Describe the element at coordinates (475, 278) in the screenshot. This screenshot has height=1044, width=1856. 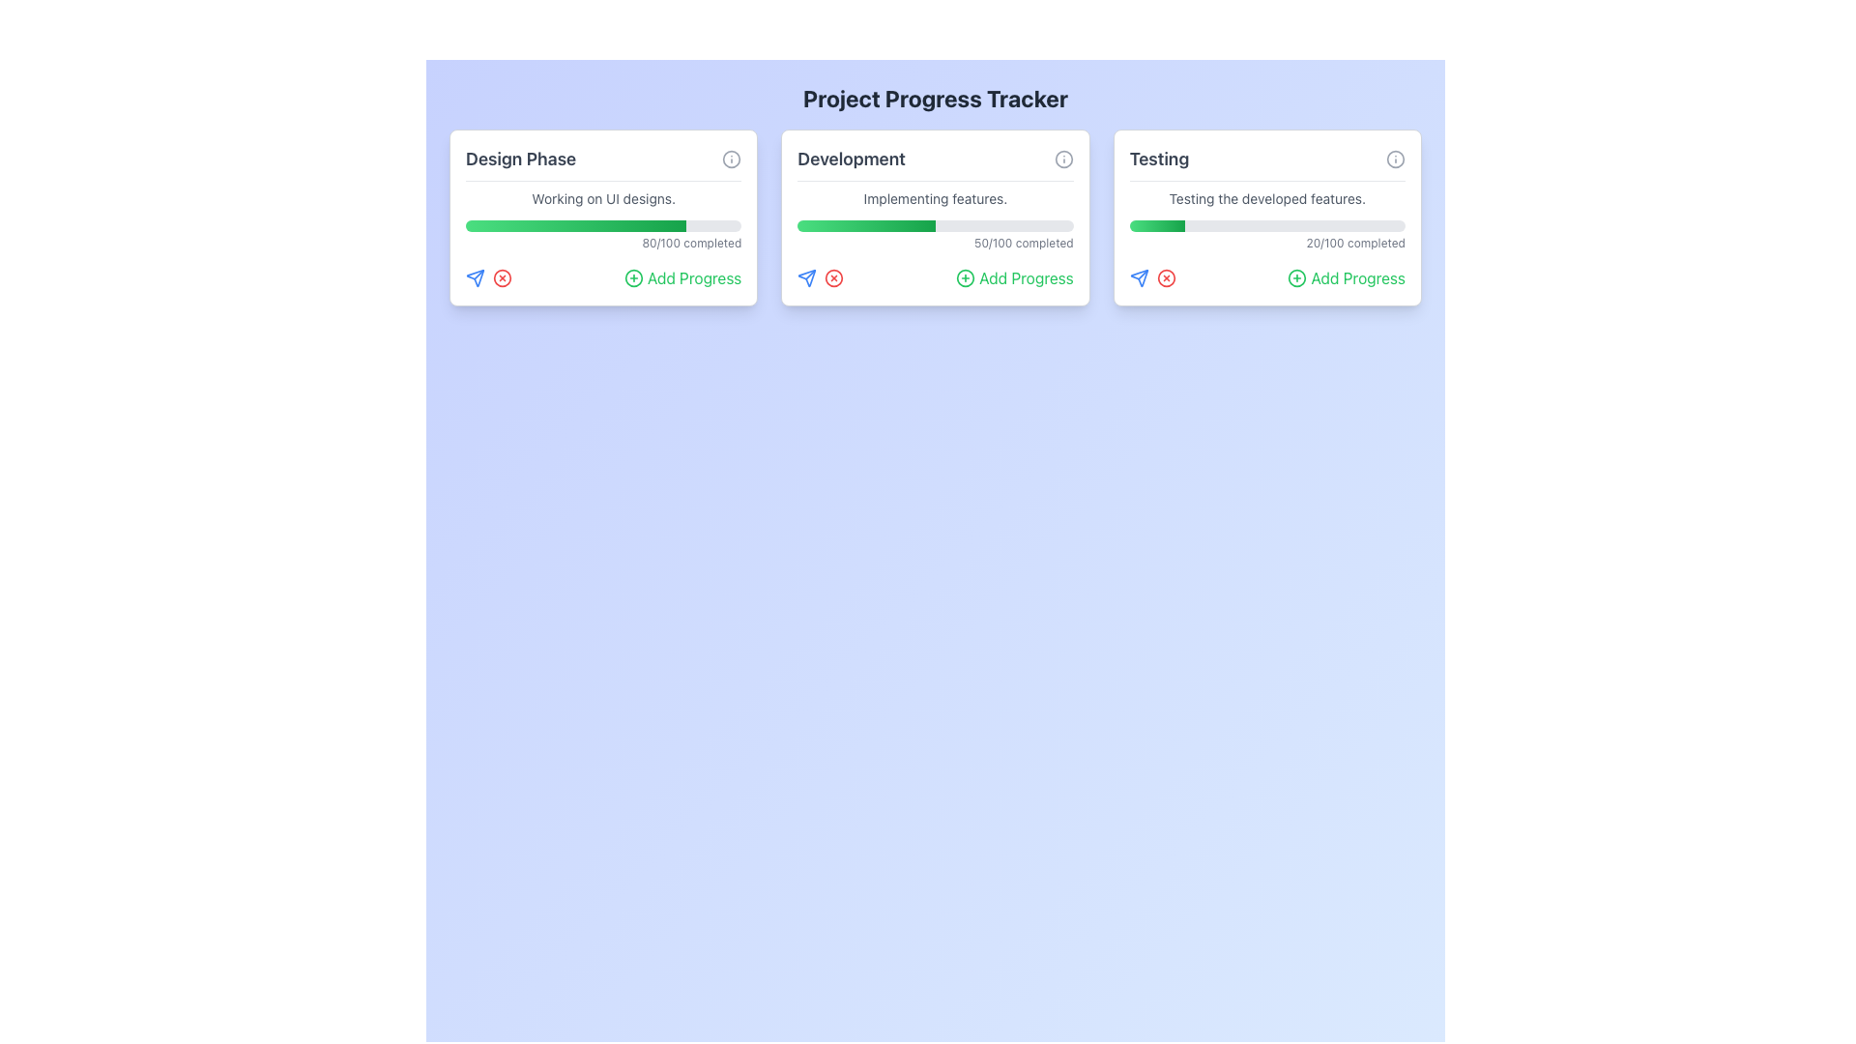
I see `the first icon button located at the bottom left section of the 'Design Phase' card` at that location.